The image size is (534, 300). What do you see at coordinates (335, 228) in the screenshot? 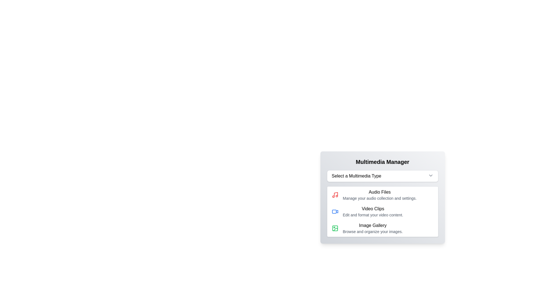
I see `the green outlined icon representing an image, which is located on the left side of the text 'Image Gallery' and 'Browse and organize your images.' in the Multimedia Manager layout` at bounding box center [335, 228].